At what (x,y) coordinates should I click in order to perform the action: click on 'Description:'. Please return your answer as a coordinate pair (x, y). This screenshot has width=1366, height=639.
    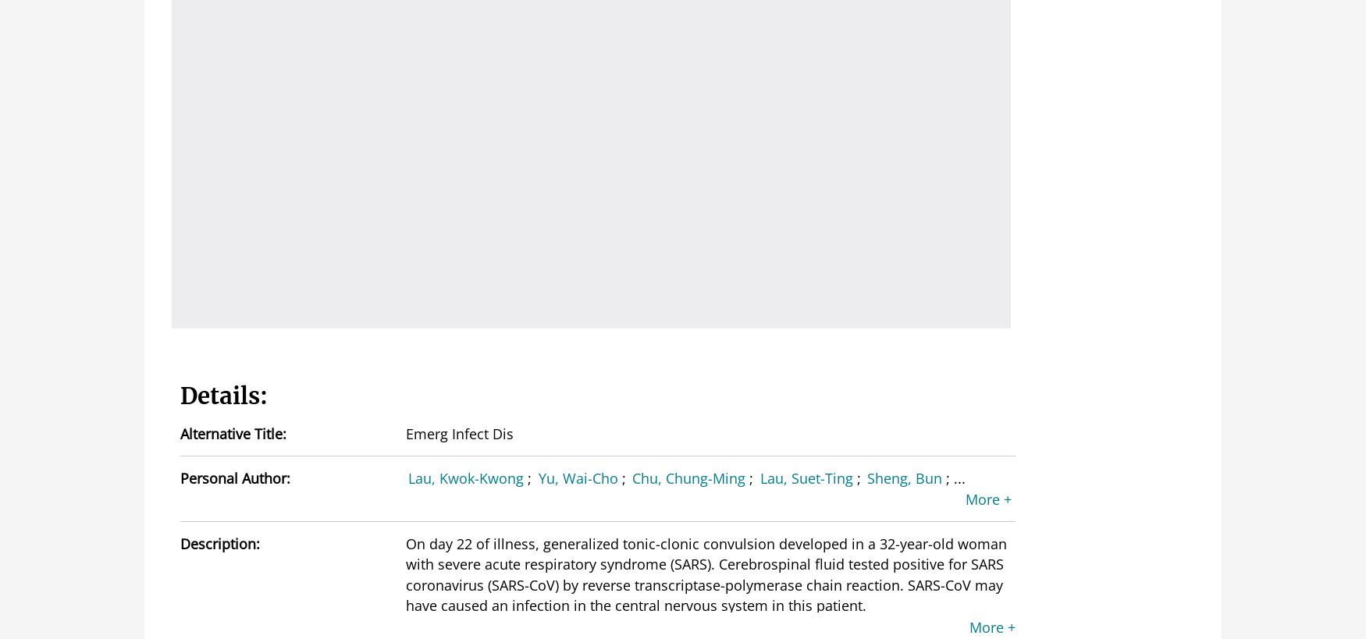
    Looking at the image, I should click on (180, 542).